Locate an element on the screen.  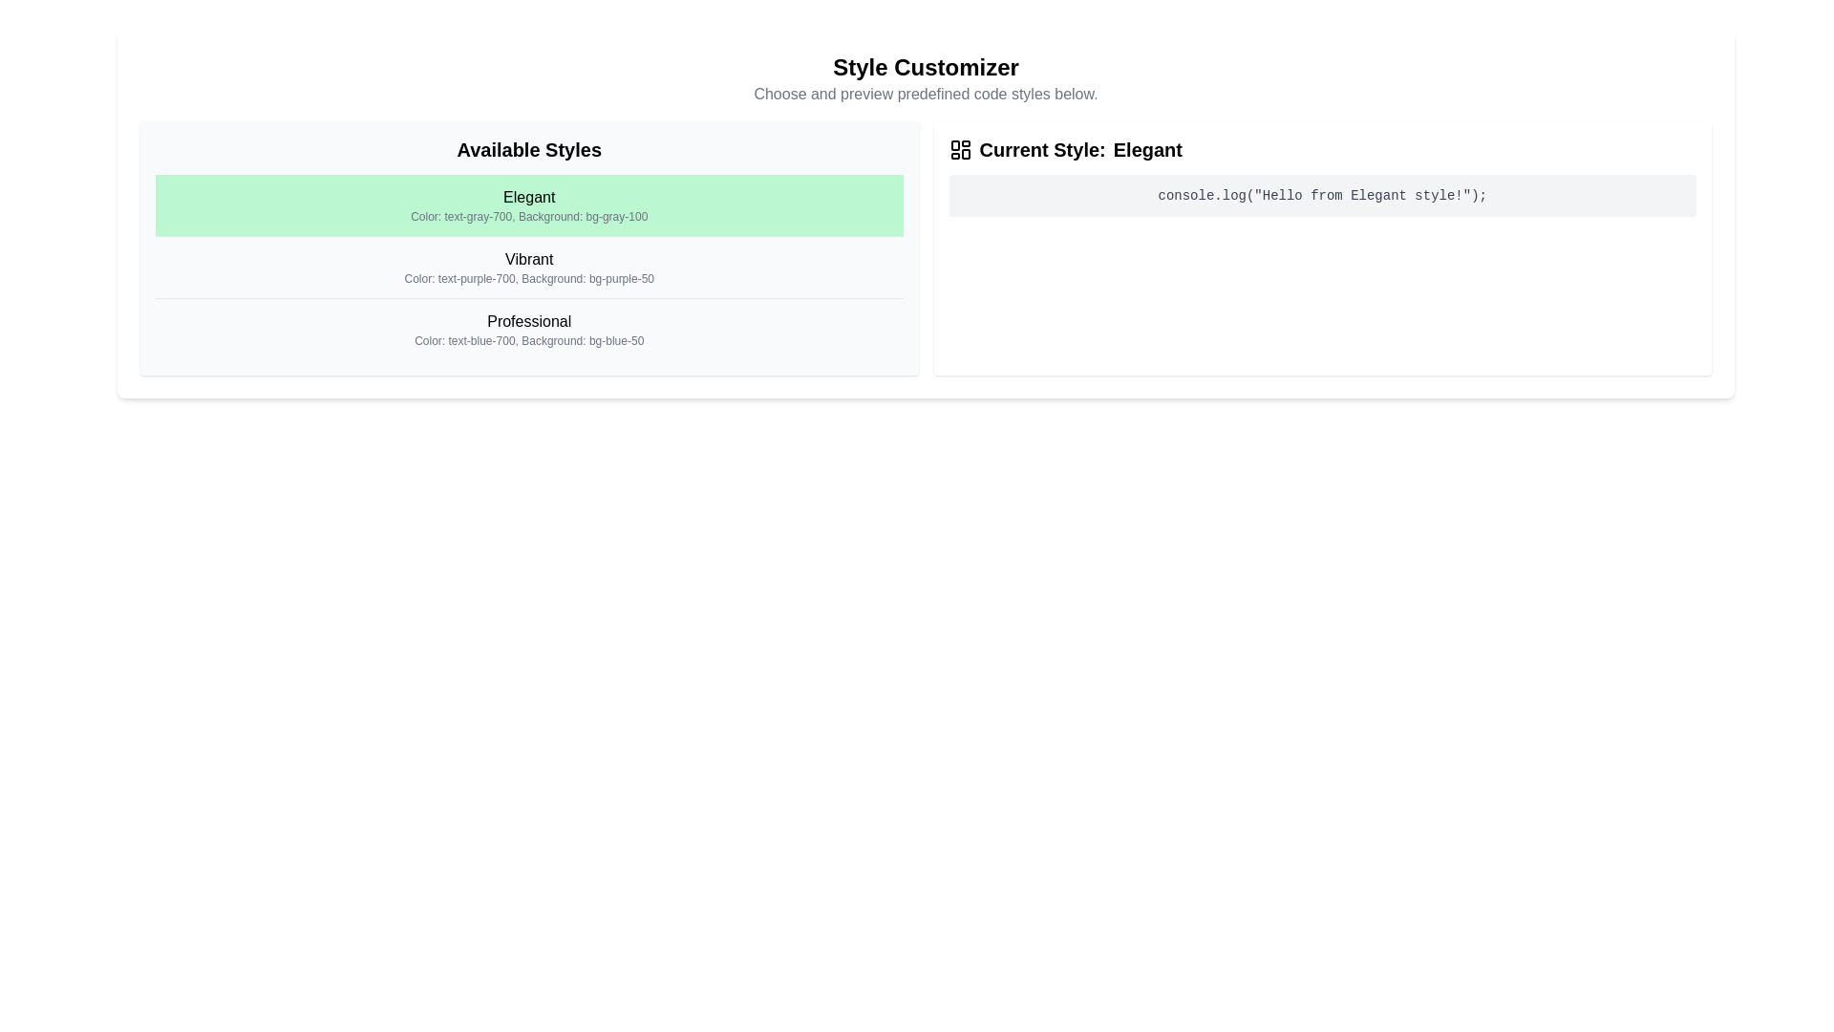
to select the 'Vibrant' style from the selectable list item under the 'Available Styles' section is located at coordinates (529, 268).